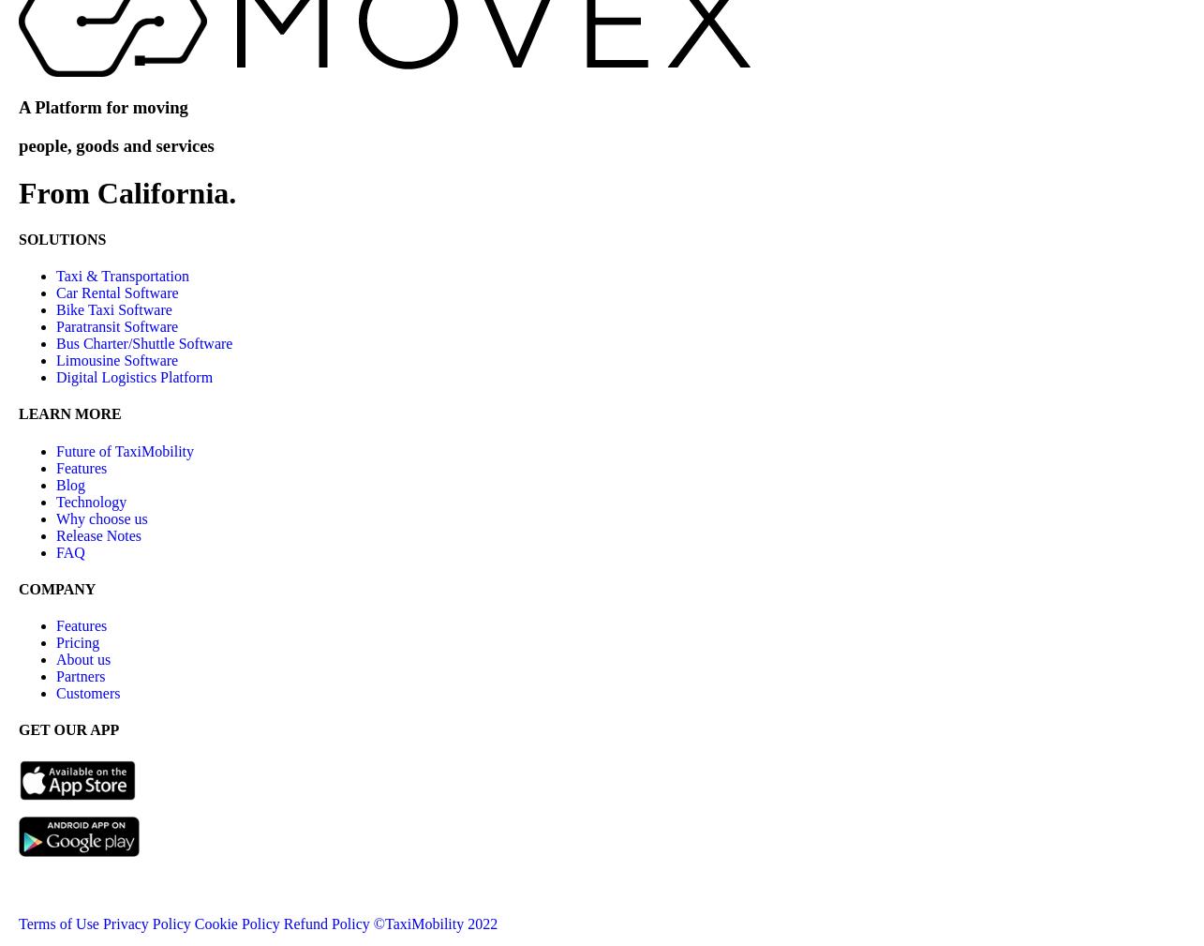  Describe the element at coordinates (122, 275) in the screenshot. I see `'Taxi & Transportation'` at that location.